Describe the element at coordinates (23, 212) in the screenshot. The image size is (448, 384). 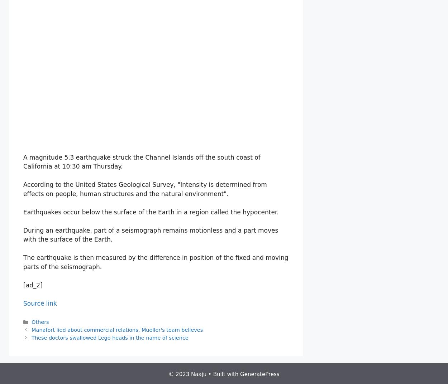
I see `'Earthquakes occur below the surface of the Earth in a region called the hypocenter.'` at that location.